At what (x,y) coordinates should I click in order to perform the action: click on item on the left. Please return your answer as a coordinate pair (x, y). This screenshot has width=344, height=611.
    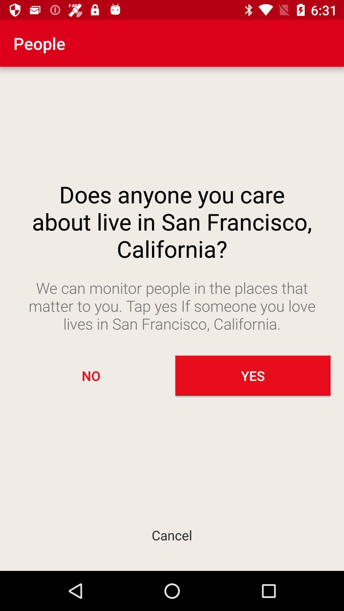
    Looking at the image, I should click on (91, 376).